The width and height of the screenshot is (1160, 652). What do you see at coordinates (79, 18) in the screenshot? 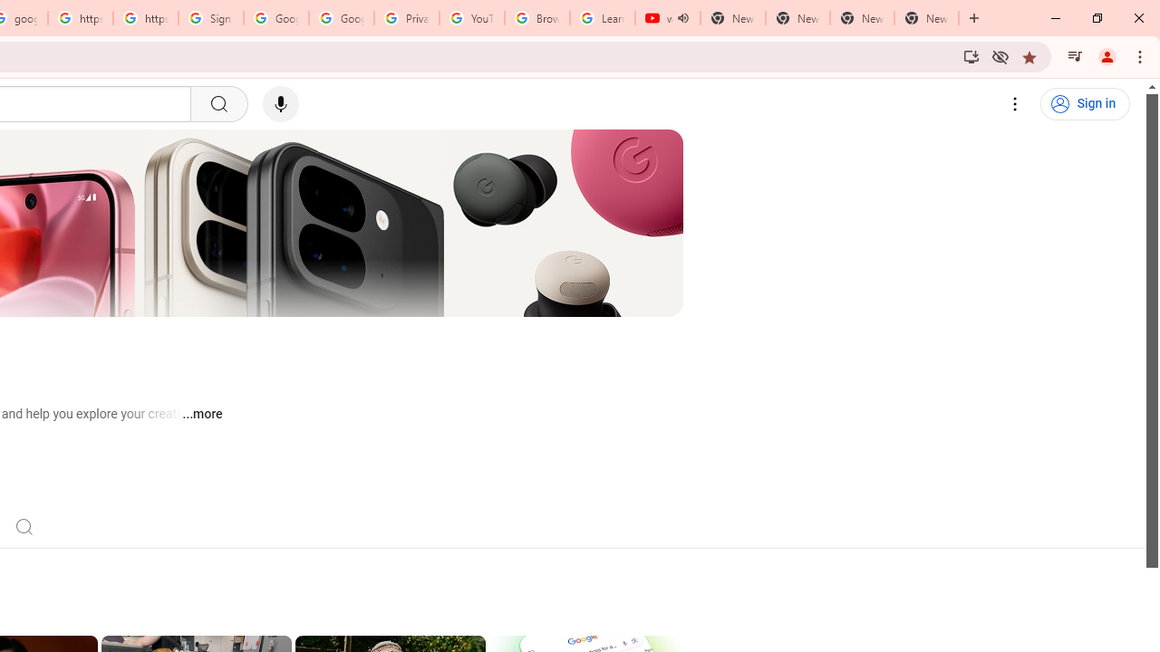
I see `'https://scholar.google.com/'` at bounding box center [79, 18].